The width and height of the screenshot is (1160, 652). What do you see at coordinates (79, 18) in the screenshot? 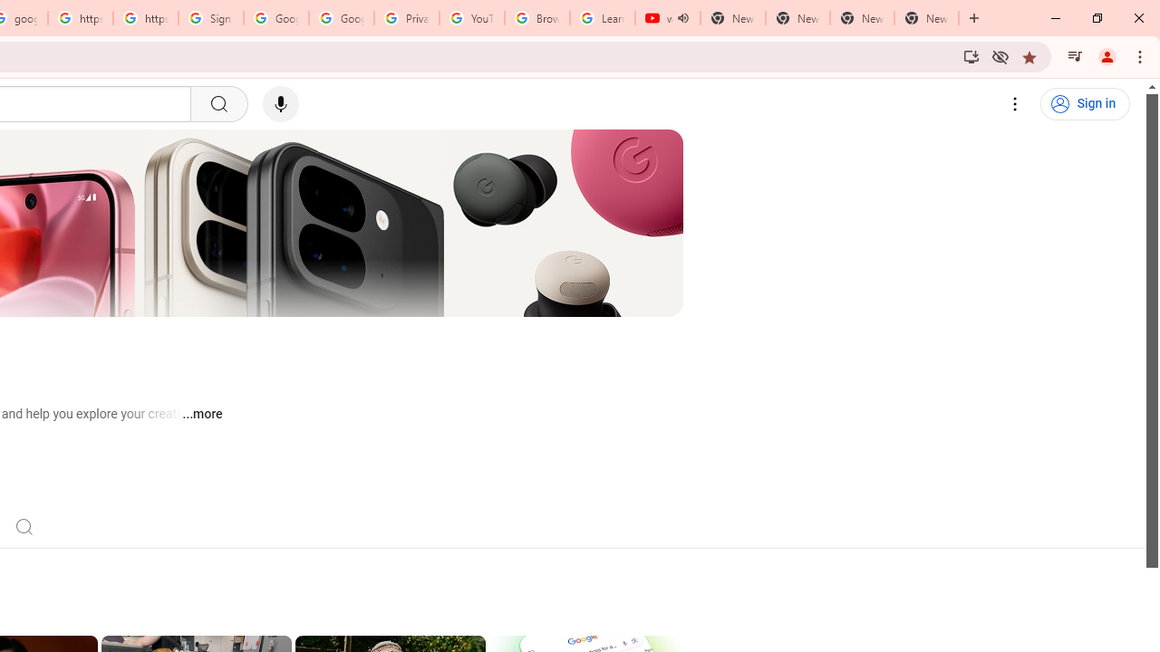
I see `'https://scholar.google.com/'` at bounding box center [79, 18].